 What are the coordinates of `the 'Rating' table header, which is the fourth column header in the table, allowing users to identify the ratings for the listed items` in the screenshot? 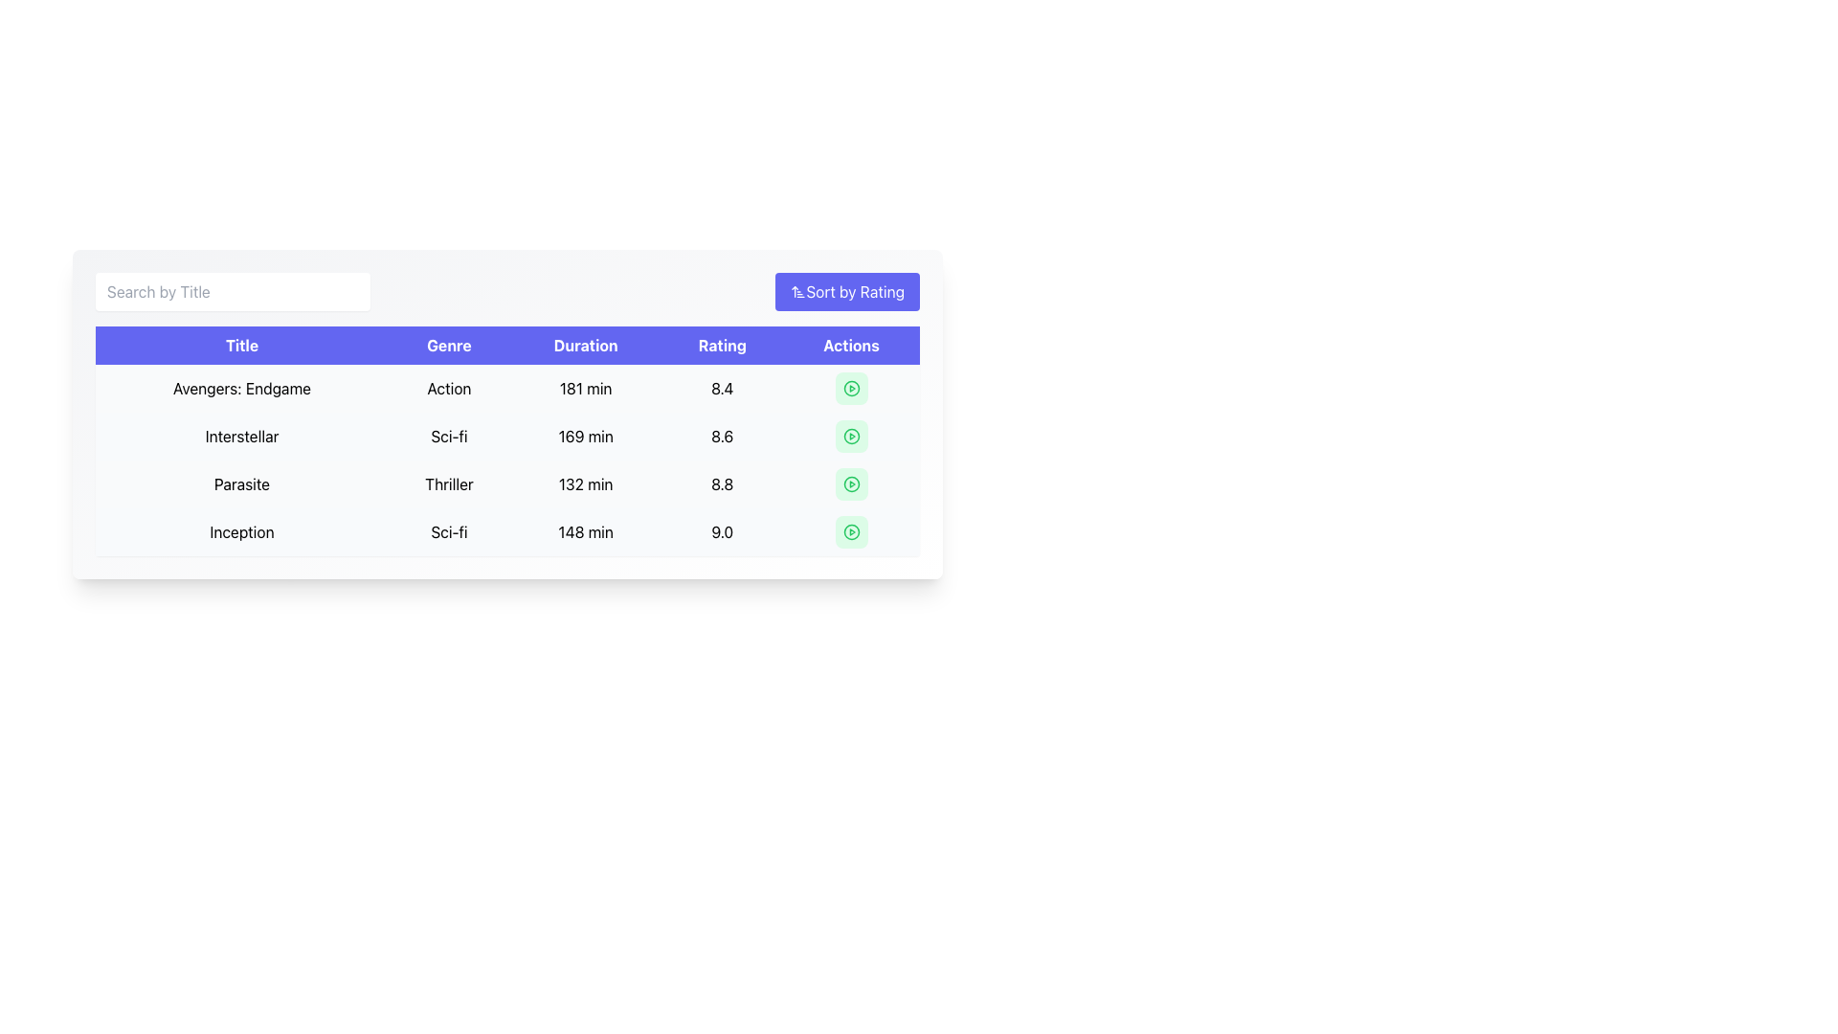 It's located at (721, 346).